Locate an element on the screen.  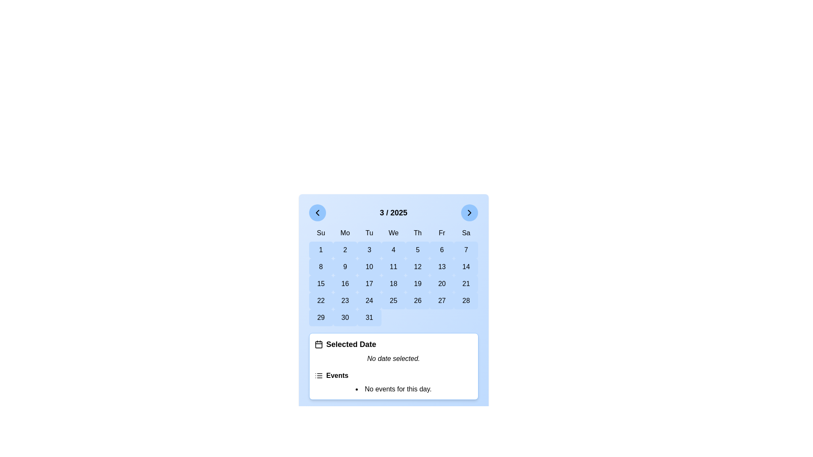
the static text label displaying 'Tu', which is the third element in the top row of weekday headers in the calendar interface is located at coordinates (369, 233).